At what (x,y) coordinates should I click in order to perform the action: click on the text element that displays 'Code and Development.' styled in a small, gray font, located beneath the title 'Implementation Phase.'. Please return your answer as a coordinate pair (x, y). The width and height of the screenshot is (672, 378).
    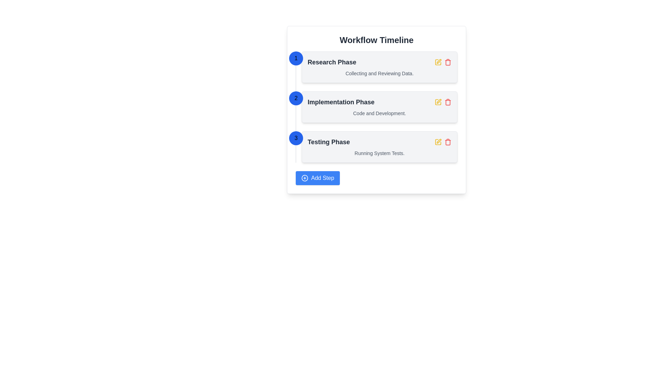
    Looking at the image, I should click on (379, 113).